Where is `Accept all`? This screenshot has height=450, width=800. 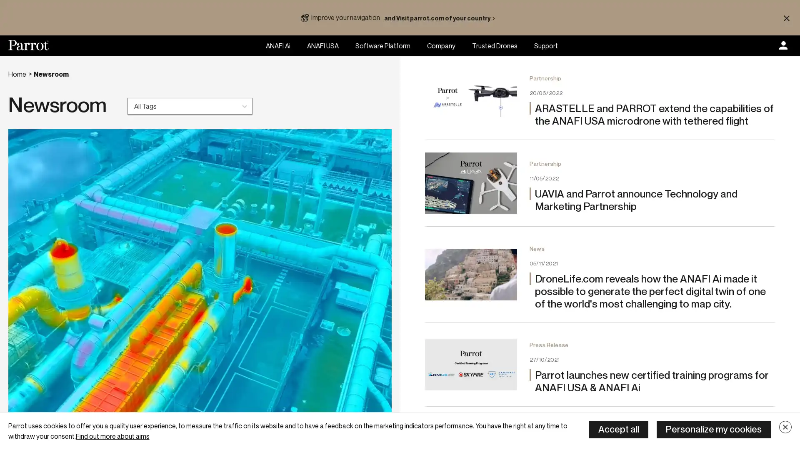 Accept all is located at coordinates (618, 429).